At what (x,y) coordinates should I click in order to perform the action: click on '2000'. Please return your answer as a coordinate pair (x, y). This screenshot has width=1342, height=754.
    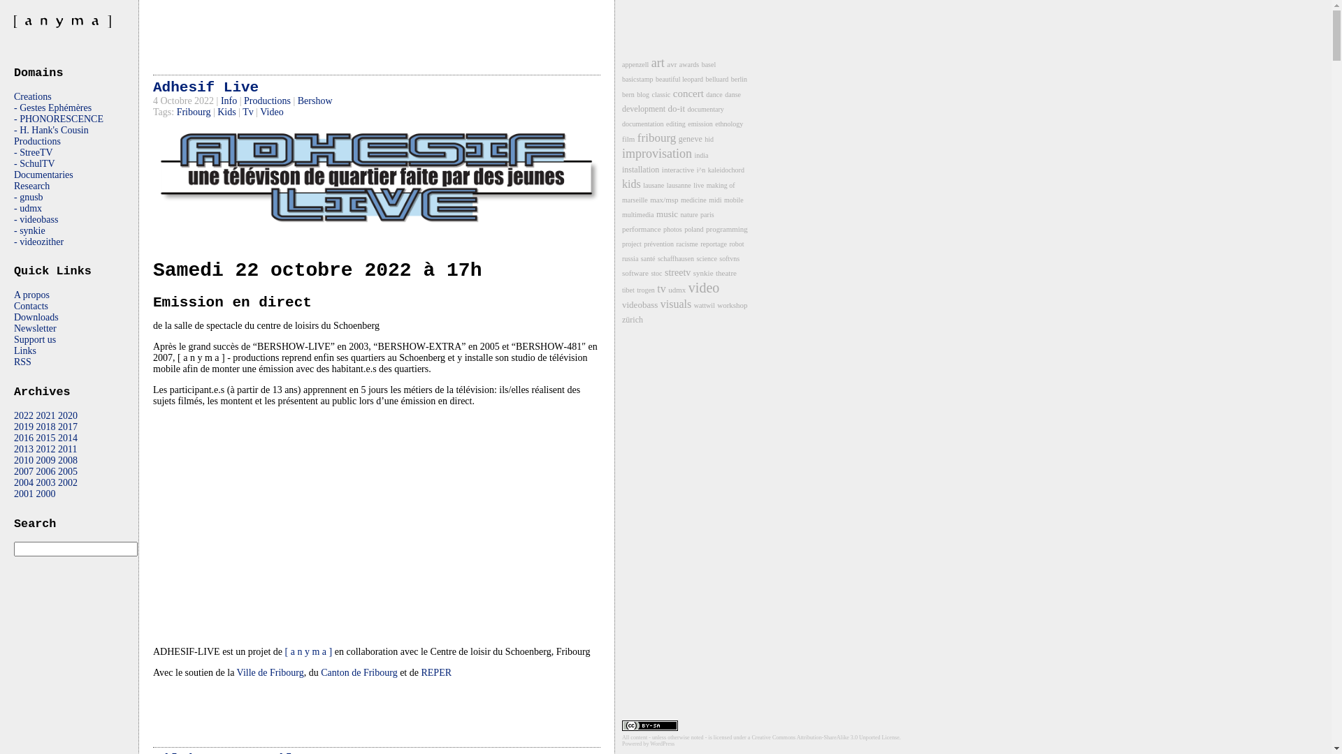
    Looking at the image, I should click on (46, 493).